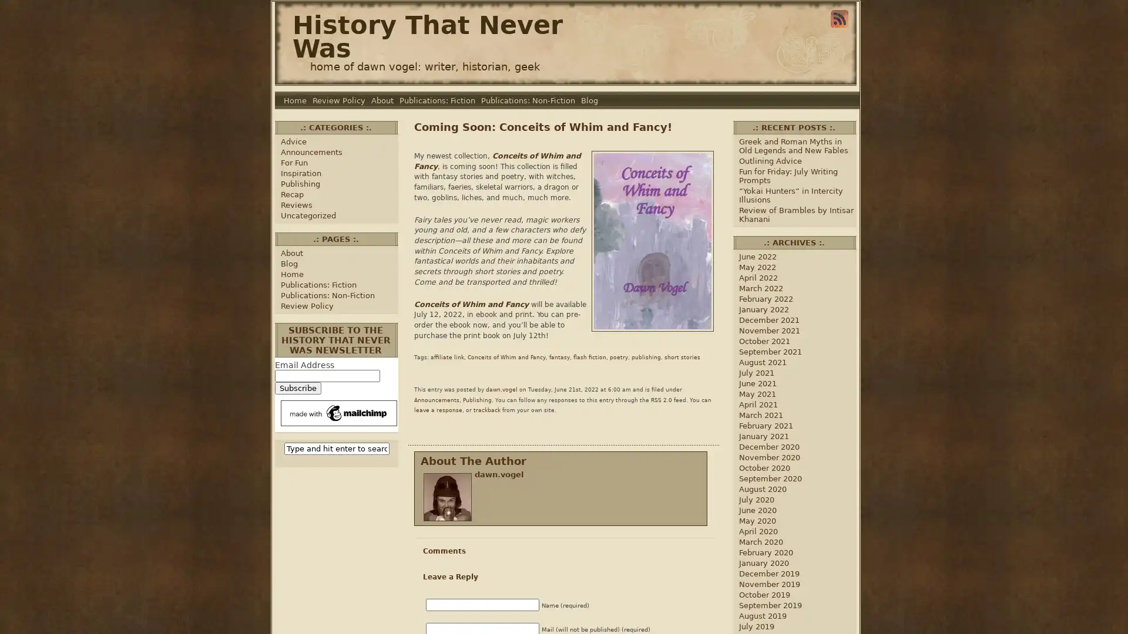  What do you see at coordinates (298, 388) in the screenshot?
I see `Subscribe` at bounding box center [298, 388].